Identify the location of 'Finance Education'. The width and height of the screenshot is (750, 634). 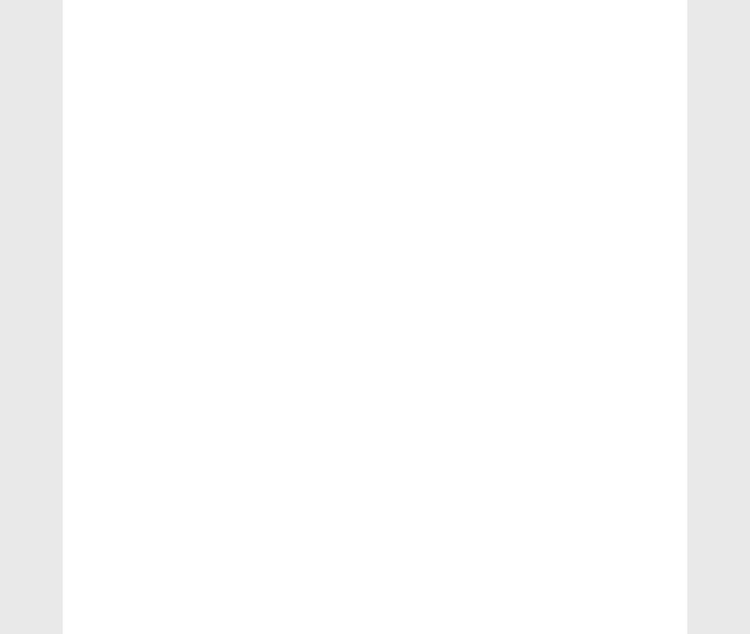
(573, 353).